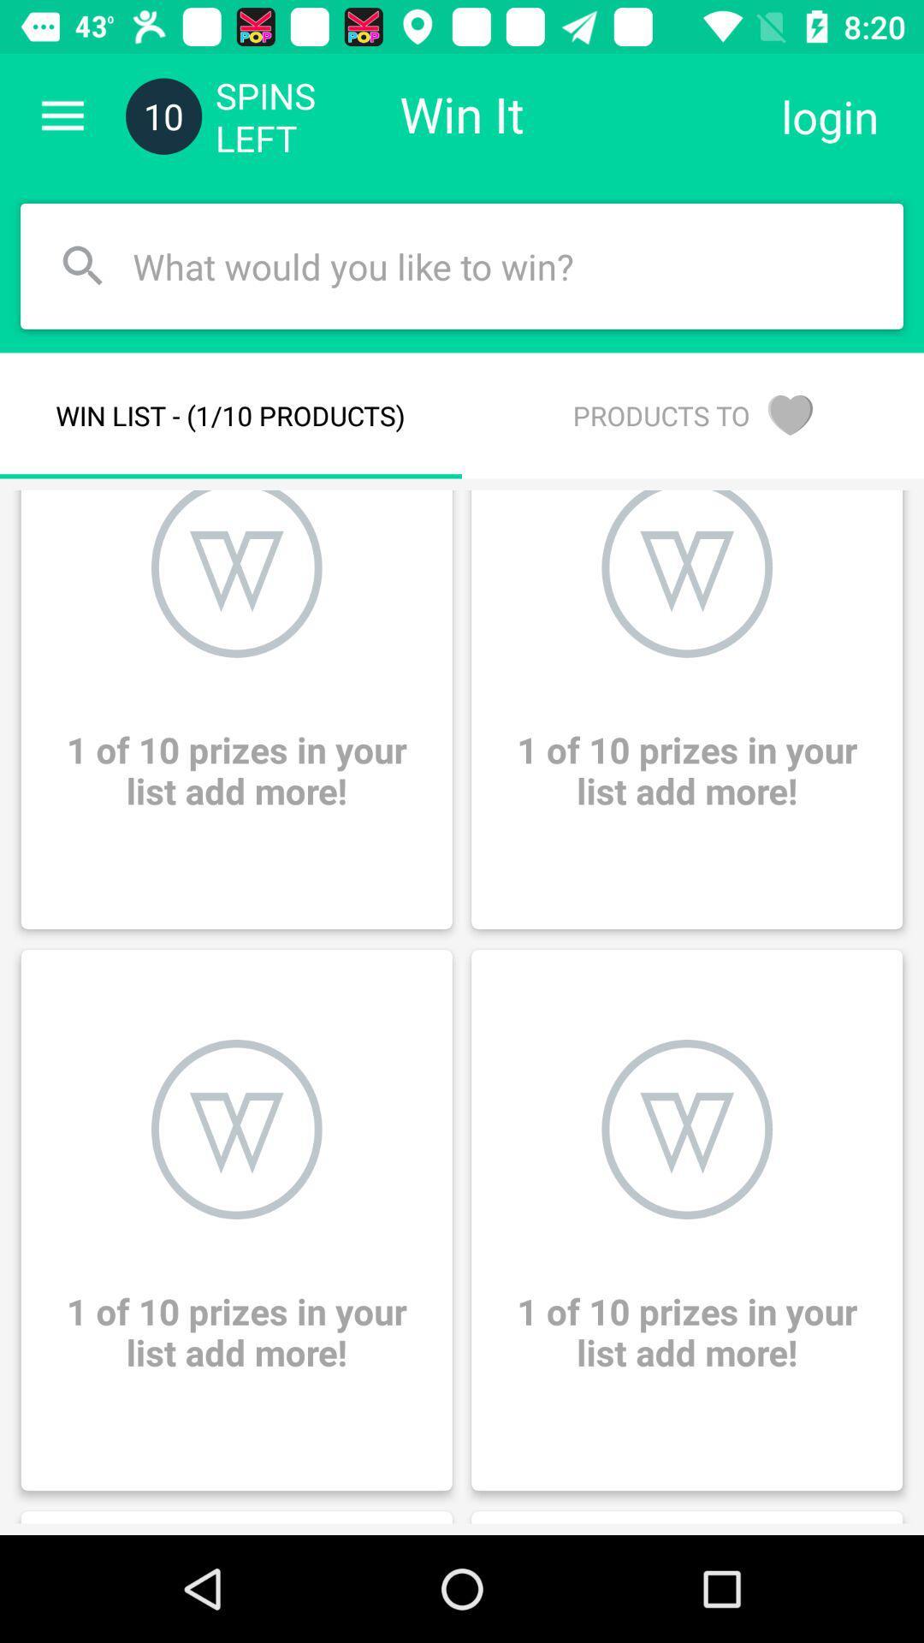 The image size is (924, 1643). I want to click on item to the right of the win it, so click(829, 116).